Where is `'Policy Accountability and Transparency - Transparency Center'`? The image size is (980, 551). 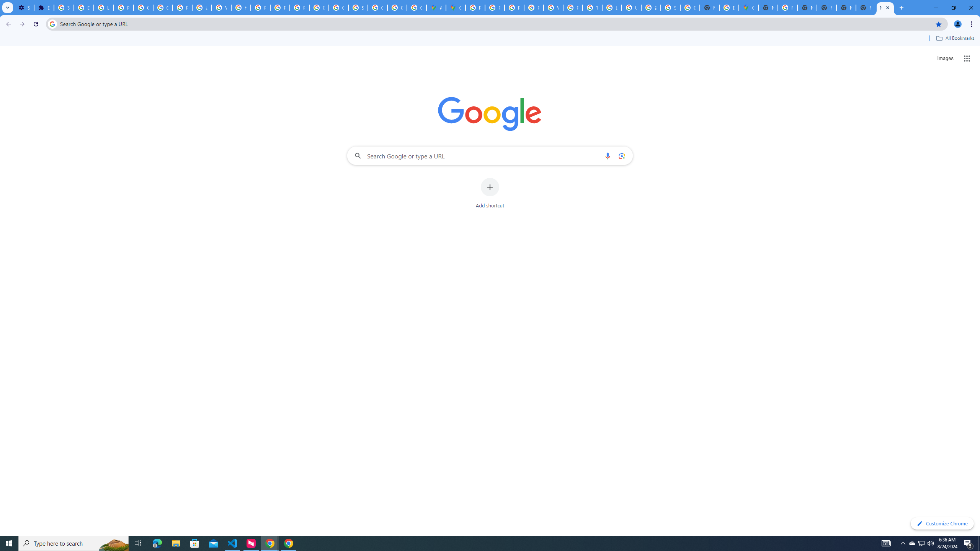 'Policy Accountability and Transparency - Transparency Center' is located at coordinates (474, 7).